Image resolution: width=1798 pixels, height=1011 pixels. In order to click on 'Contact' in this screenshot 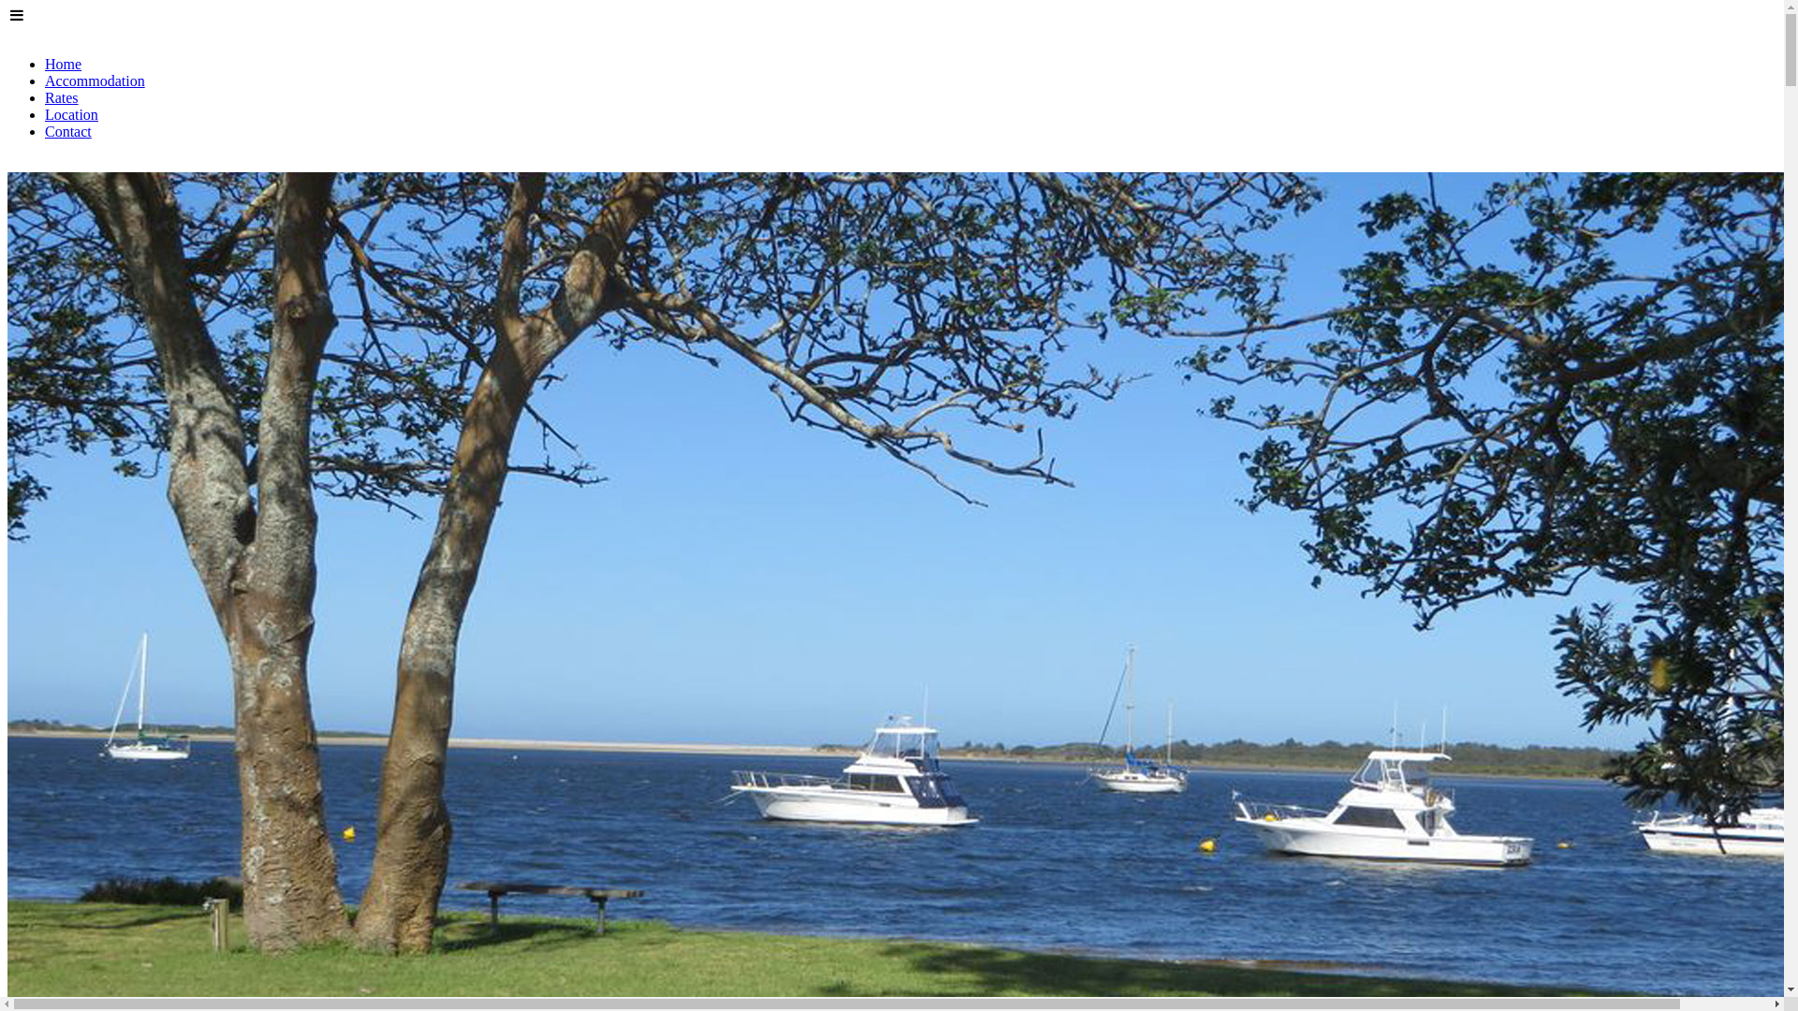, I will do `click(67, 130)`.